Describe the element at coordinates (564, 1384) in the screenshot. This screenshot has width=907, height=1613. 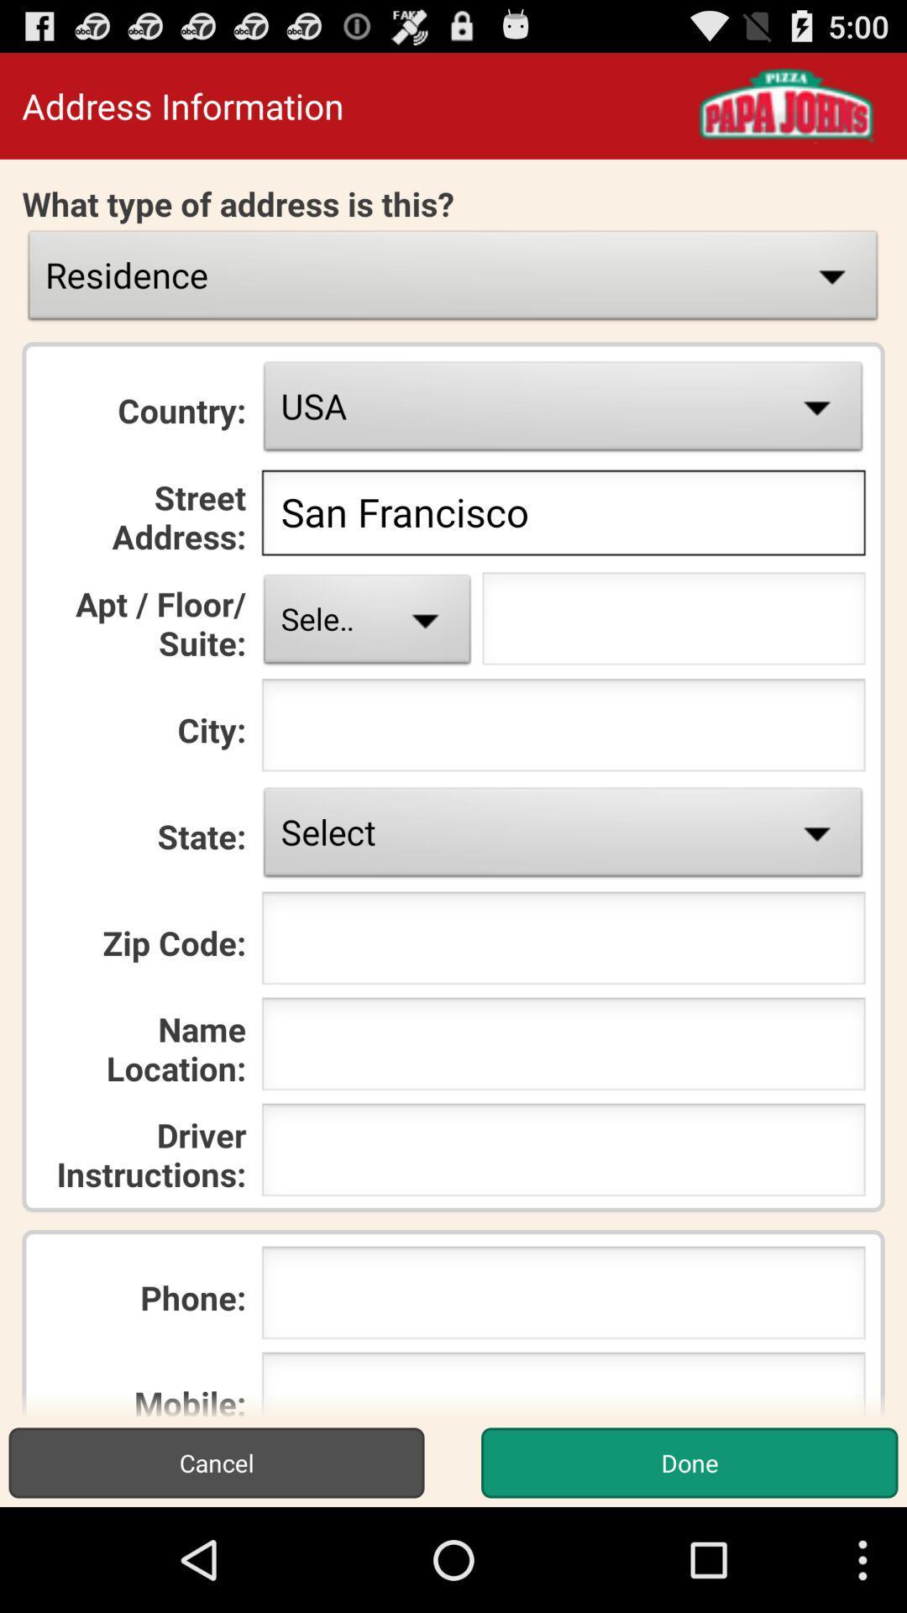
I see `mobile option` at that location.